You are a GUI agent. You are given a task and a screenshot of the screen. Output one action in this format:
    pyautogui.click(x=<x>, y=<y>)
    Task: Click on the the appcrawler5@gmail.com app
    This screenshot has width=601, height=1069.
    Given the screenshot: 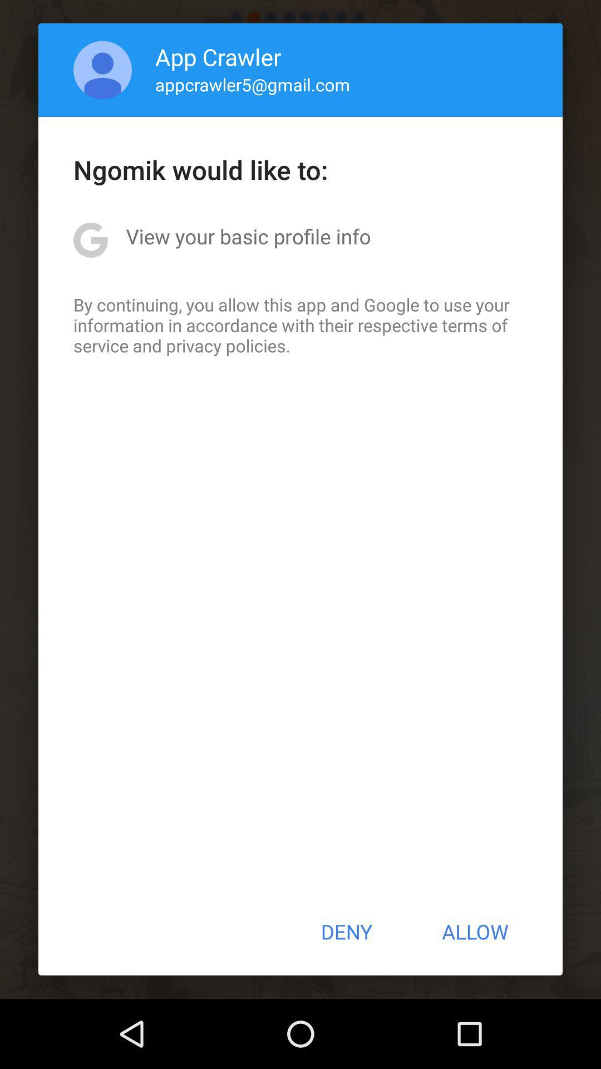 What is the action you would take?
    pyautogui.click(x=253, y=84)
    